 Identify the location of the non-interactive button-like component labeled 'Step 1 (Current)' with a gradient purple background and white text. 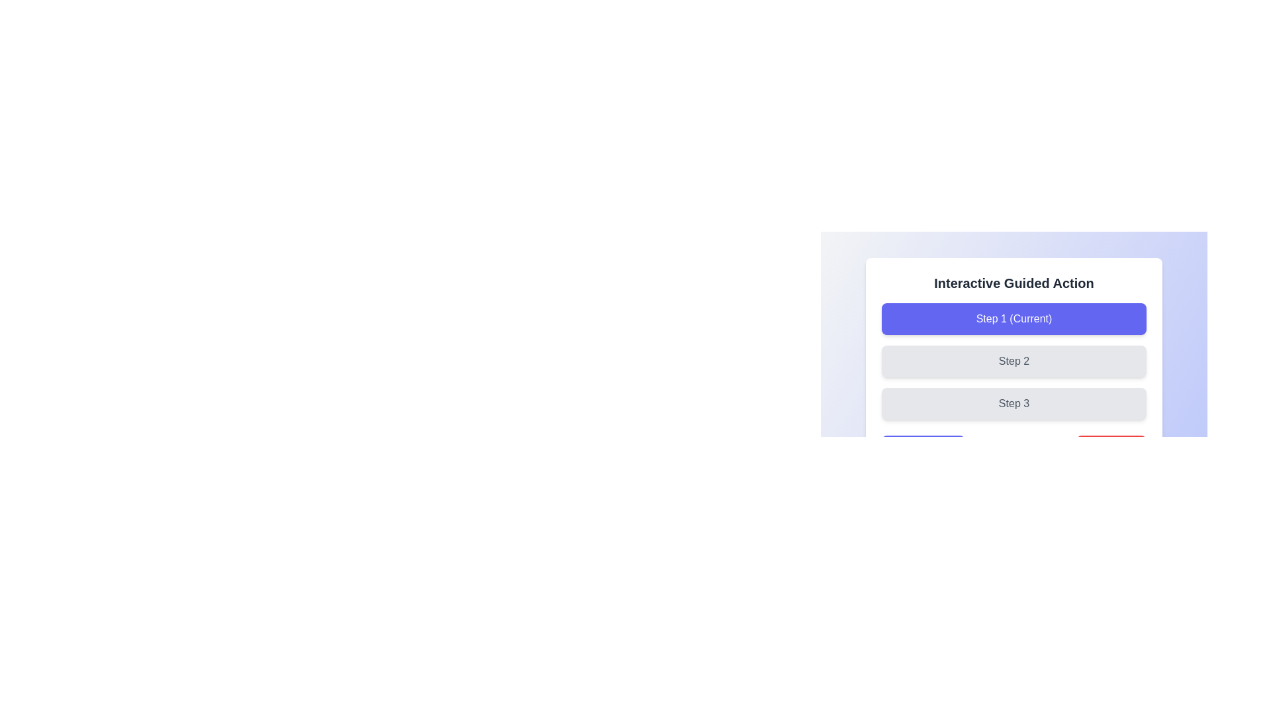
(1013, 319).